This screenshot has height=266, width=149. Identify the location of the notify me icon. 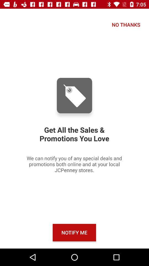
(74, 232).